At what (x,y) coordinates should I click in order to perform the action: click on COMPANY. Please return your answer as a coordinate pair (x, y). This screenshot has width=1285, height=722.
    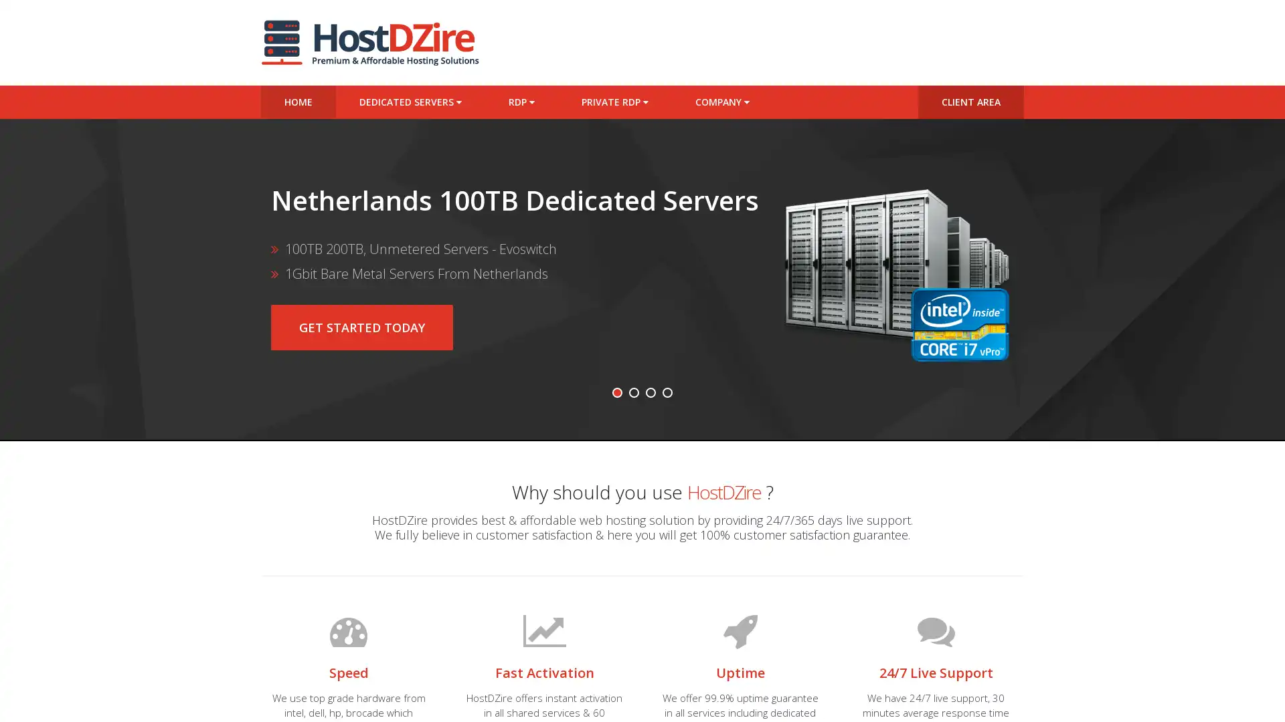
    Looking at the image, I should click on (721, 102).